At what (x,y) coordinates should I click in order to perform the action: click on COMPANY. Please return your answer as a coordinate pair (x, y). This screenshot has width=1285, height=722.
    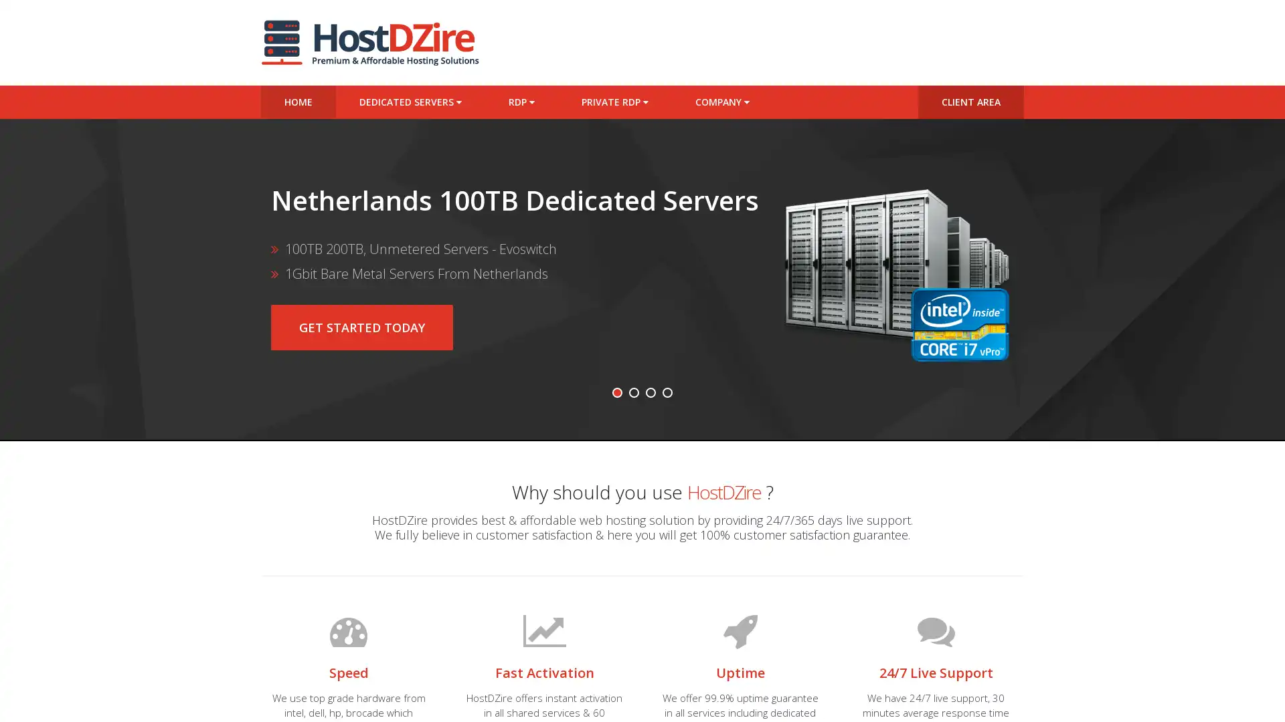
    Looking at the image, I should click on (721, 102).